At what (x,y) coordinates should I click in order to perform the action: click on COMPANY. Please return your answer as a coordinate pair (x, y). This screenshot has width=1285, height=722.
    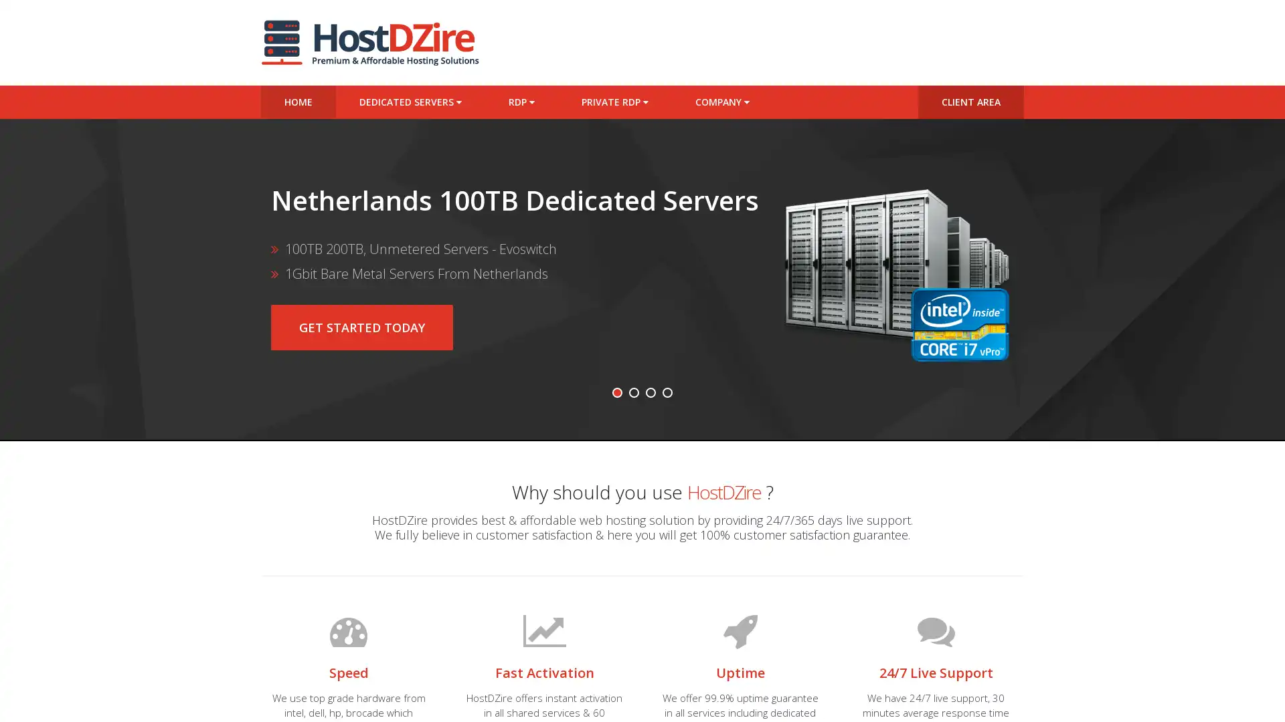
    Looking at the image, I should click on (721, 102).